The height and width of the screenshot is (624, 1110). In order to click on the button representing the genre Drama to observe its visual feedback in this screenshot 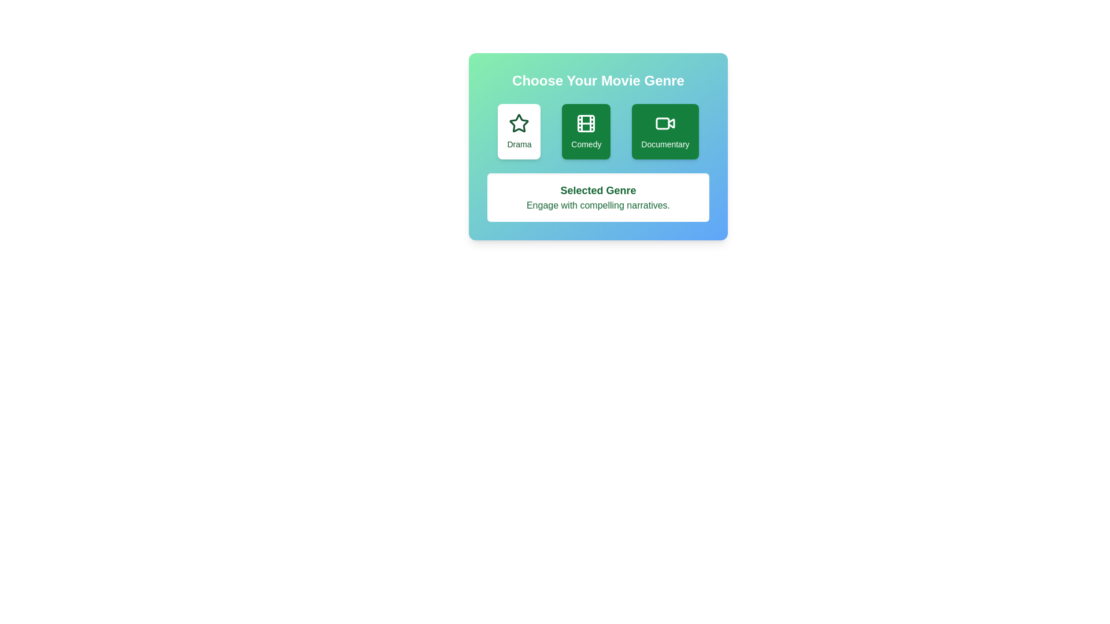, I will do `click(519, 131)`.